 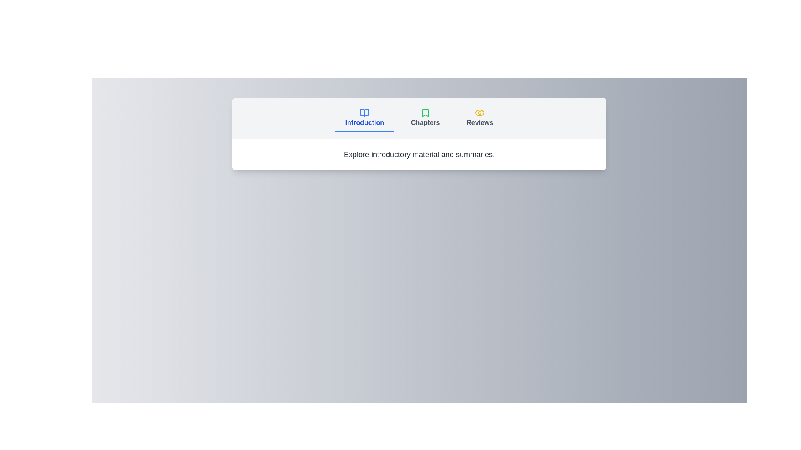 I want to click on the Chapters tab to change focus, so click(x=425, y=118).